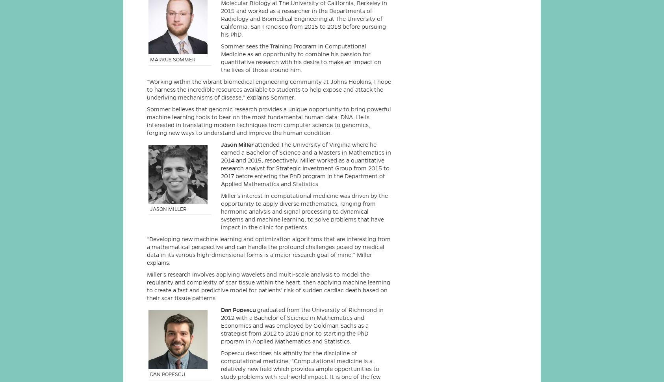 Image resolution: width=664 pixels, height=382 pixels. Describe the element at coordinates (268, 89) in the screenshot. I see `'“Working within the vibrant biomedical engineering community at Johns Hopkins, I hope to harness the incredible resources available to students to help expose and attack the underlying mechanisms of disease,” explains Sommer.'` at that location.